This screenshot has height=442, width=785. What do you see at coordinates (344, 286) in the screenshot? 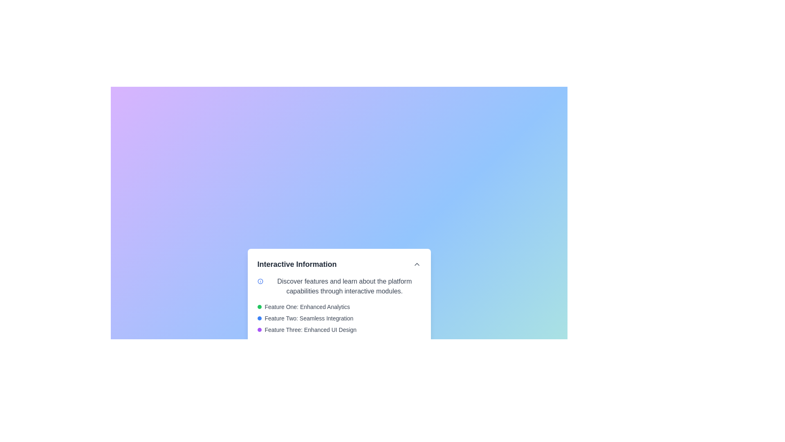
I see `the text block element containing the statement 'Discover features and learn about the platform capabilities through interactive modules', which is styled in gray font and positioned beneath the heading 'Interactive Information'` at bounding box center [344, 286].